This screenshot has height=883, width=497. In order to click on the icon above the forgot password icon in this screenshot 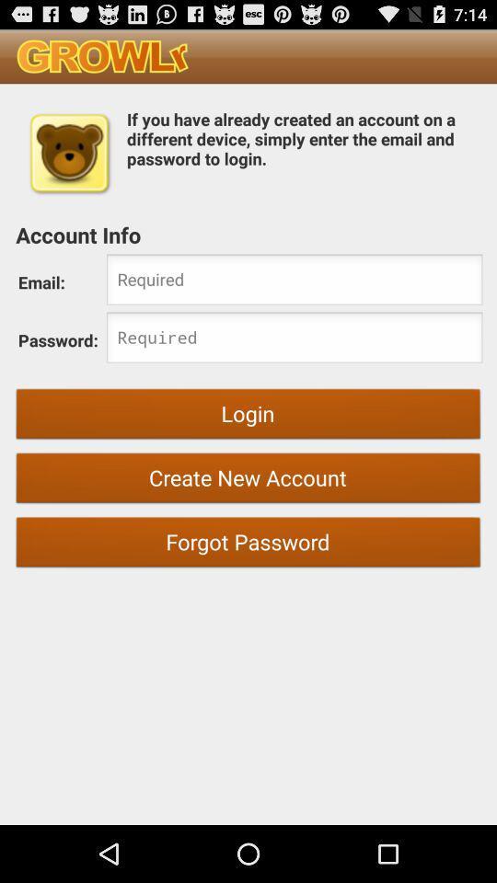, I will do `click(248, 479)`.